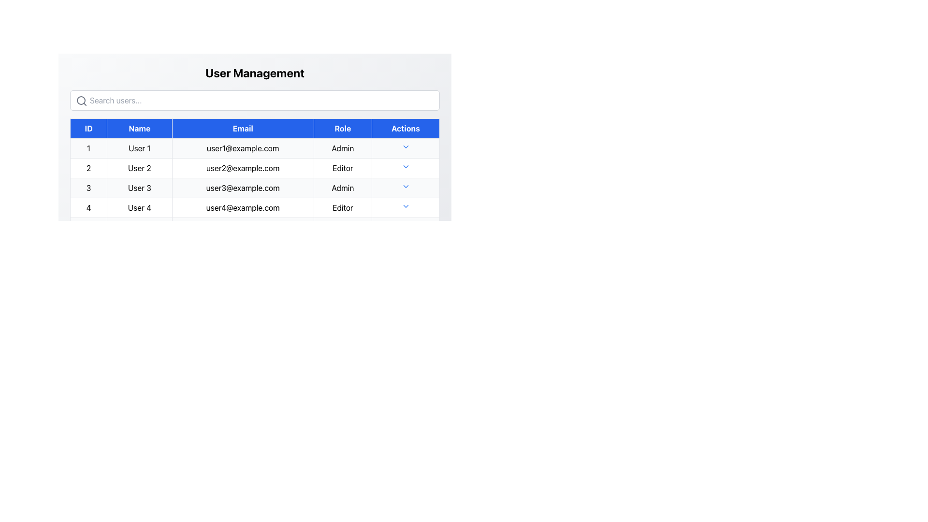 The width and height of the screenshot is (928, 522). What do you see at coordinates (88, 148) in the screenshot?
I see `the table cell that displays the index or identification number for the first row of the table, located under the 'ID' header` at bounding box center [88, 148].